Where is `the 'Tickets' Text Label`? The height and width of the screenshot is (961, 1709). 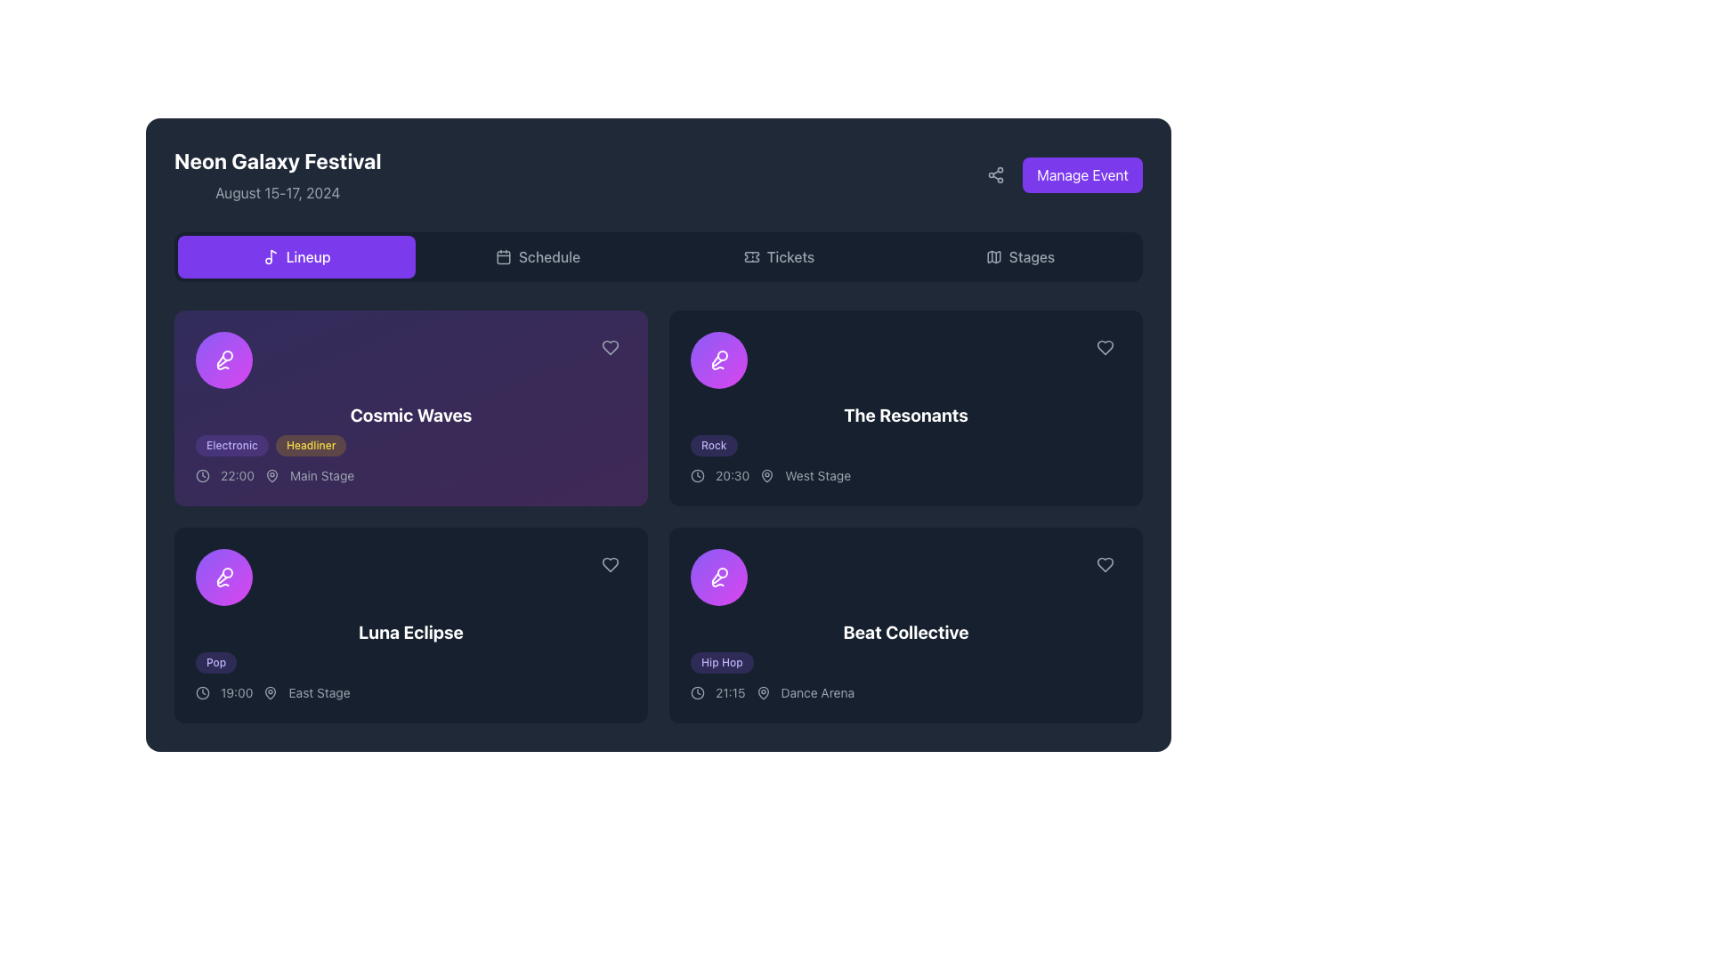
the 'Tickets' Text Label is located at coordinates (790, 257).